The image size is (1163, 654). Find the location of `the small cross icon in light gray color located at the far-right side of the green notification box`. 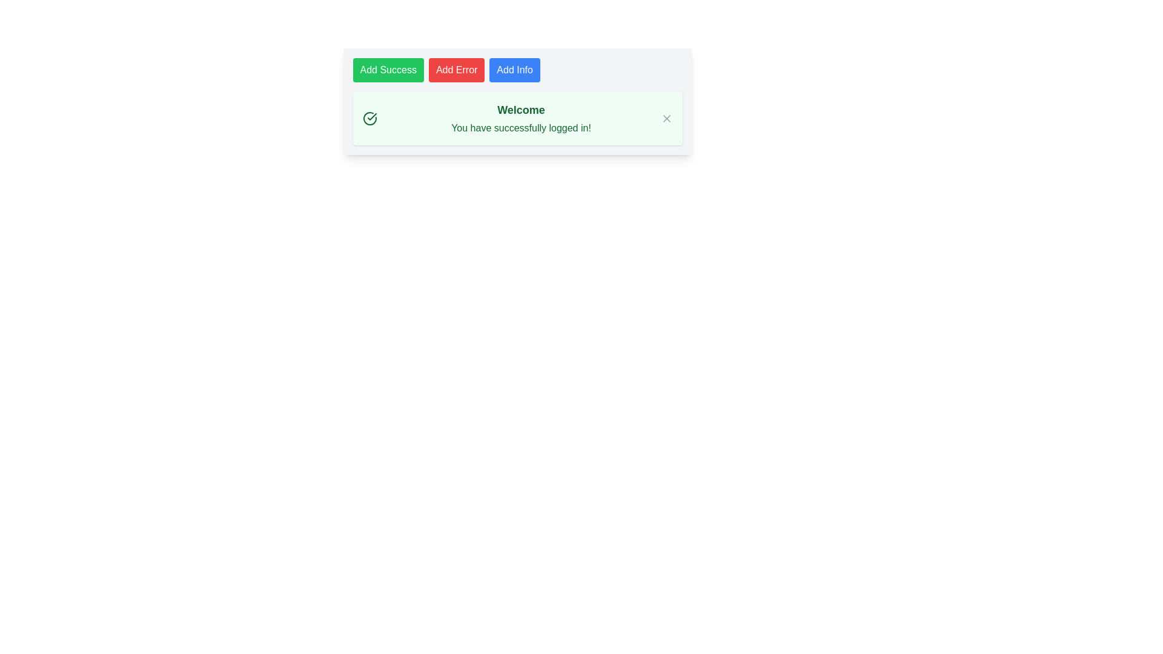

the small cross icon in light gray color located at the far-right side of the green notification box is located at coordinates (666, 119).